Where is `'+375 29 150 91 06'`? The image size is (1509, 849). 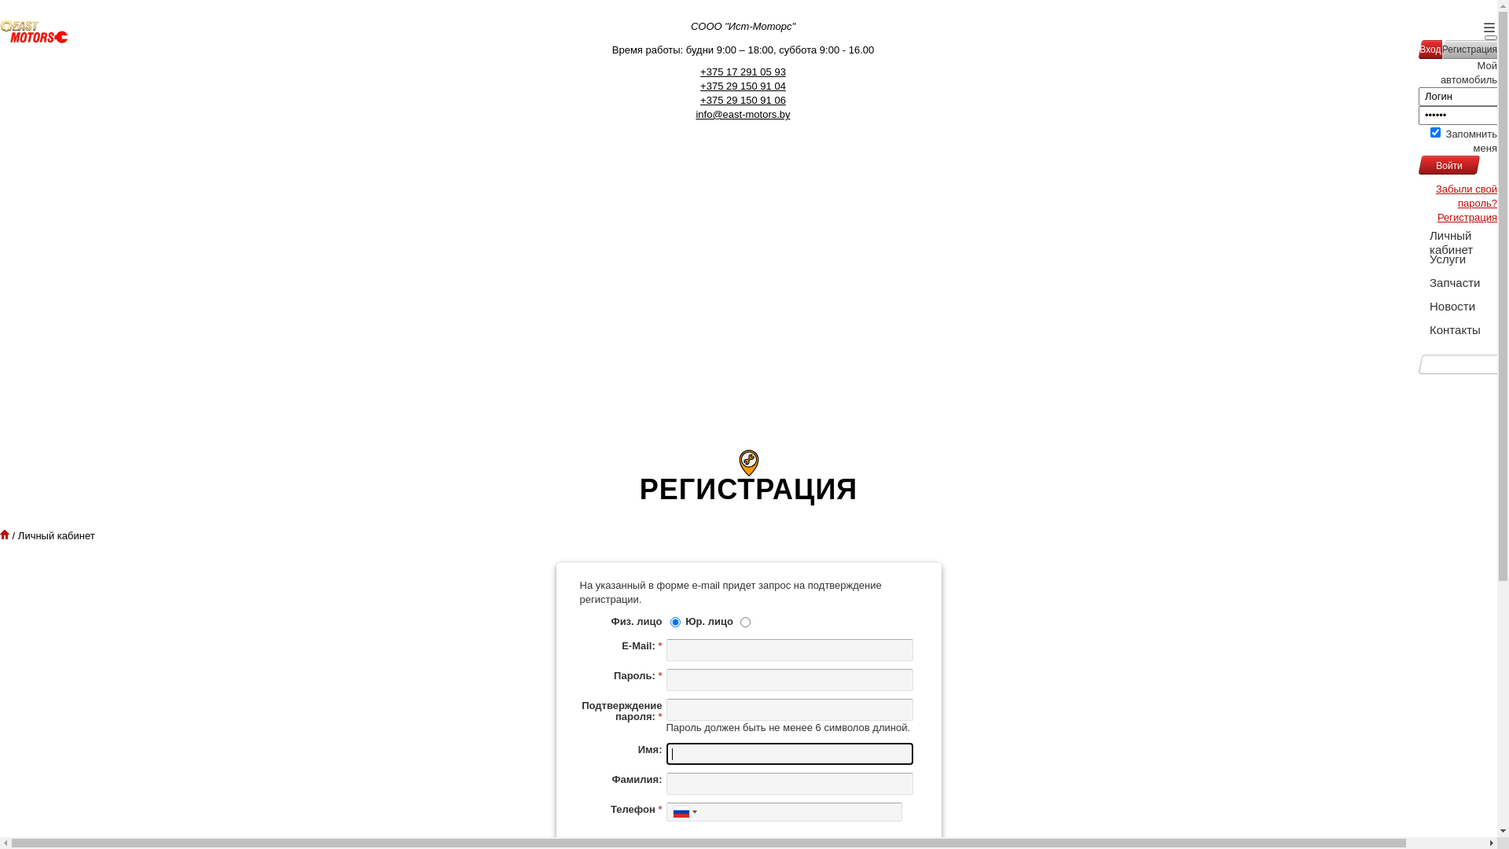 '+375 29 150 91 06' is located at coordinates (742, 100).